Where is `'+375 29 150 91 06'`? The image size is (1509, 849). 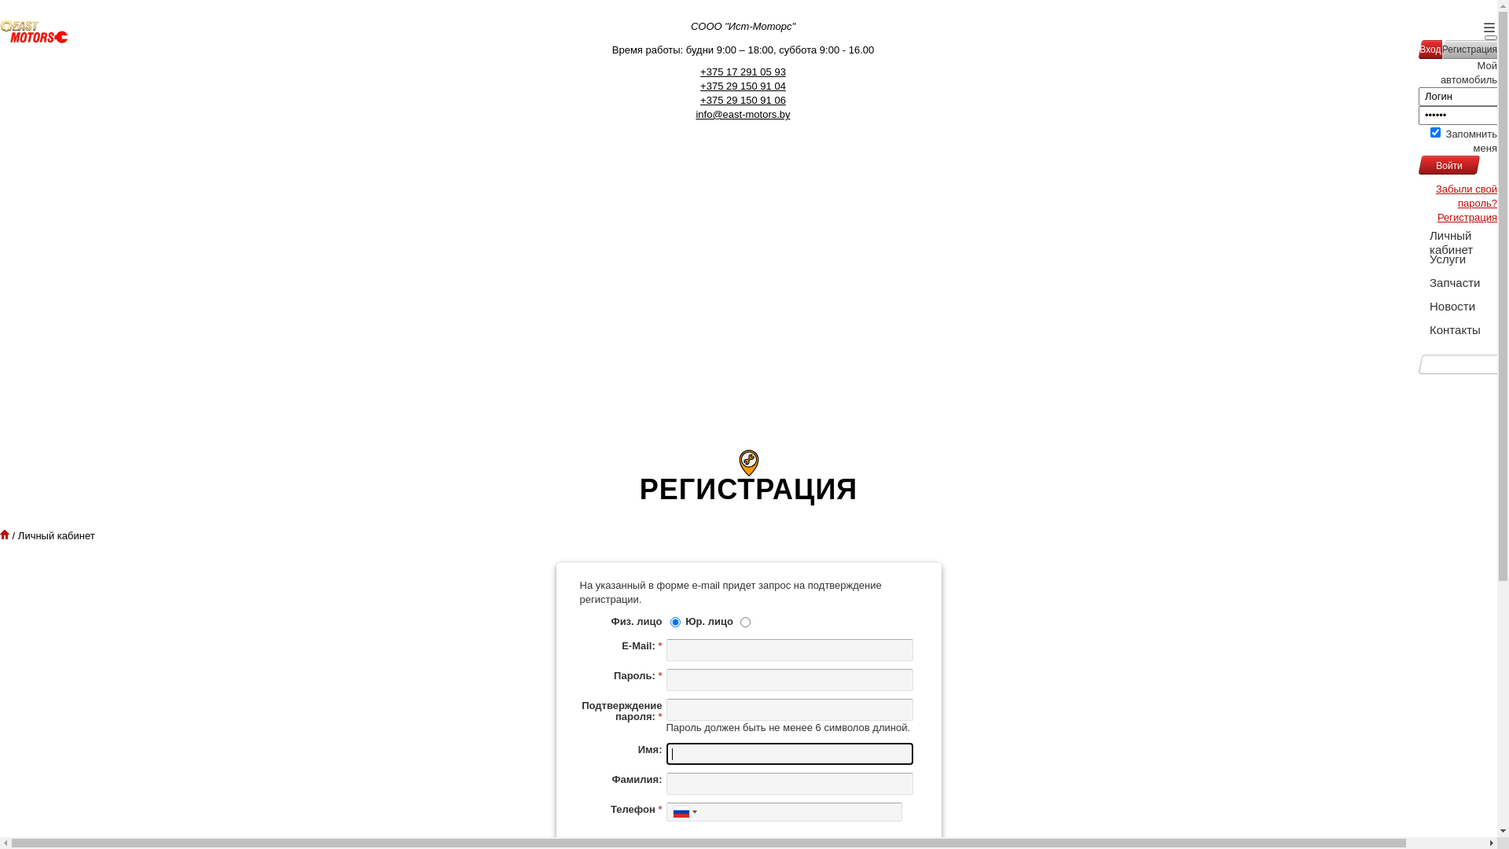 '+375 29 150 91 06' is located at coordinates (742, 100).